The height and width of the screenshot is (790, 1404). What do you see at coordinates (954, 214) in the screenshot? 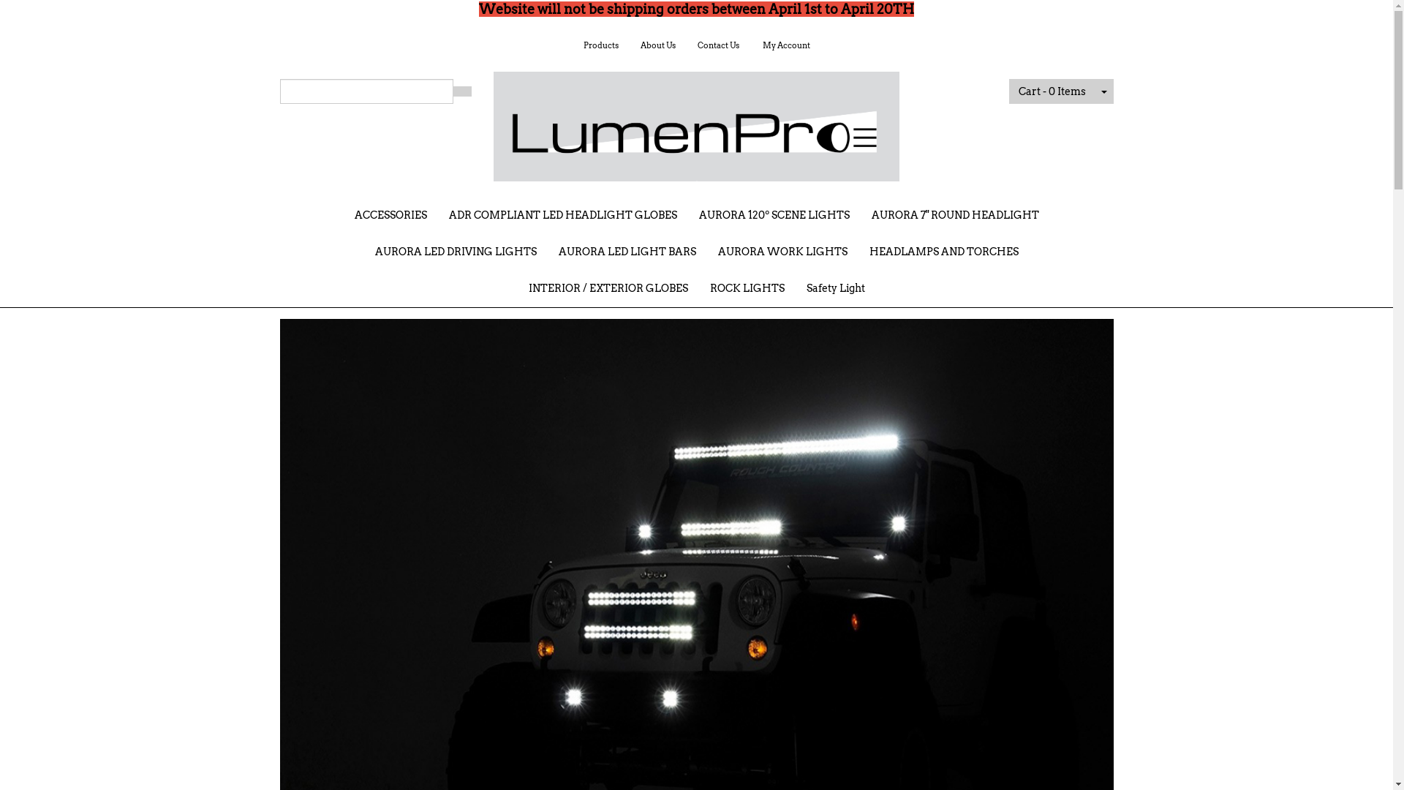
I see `'AURORA 7" ROUND HEADLIGHT'` at bounding box center [954, 214].